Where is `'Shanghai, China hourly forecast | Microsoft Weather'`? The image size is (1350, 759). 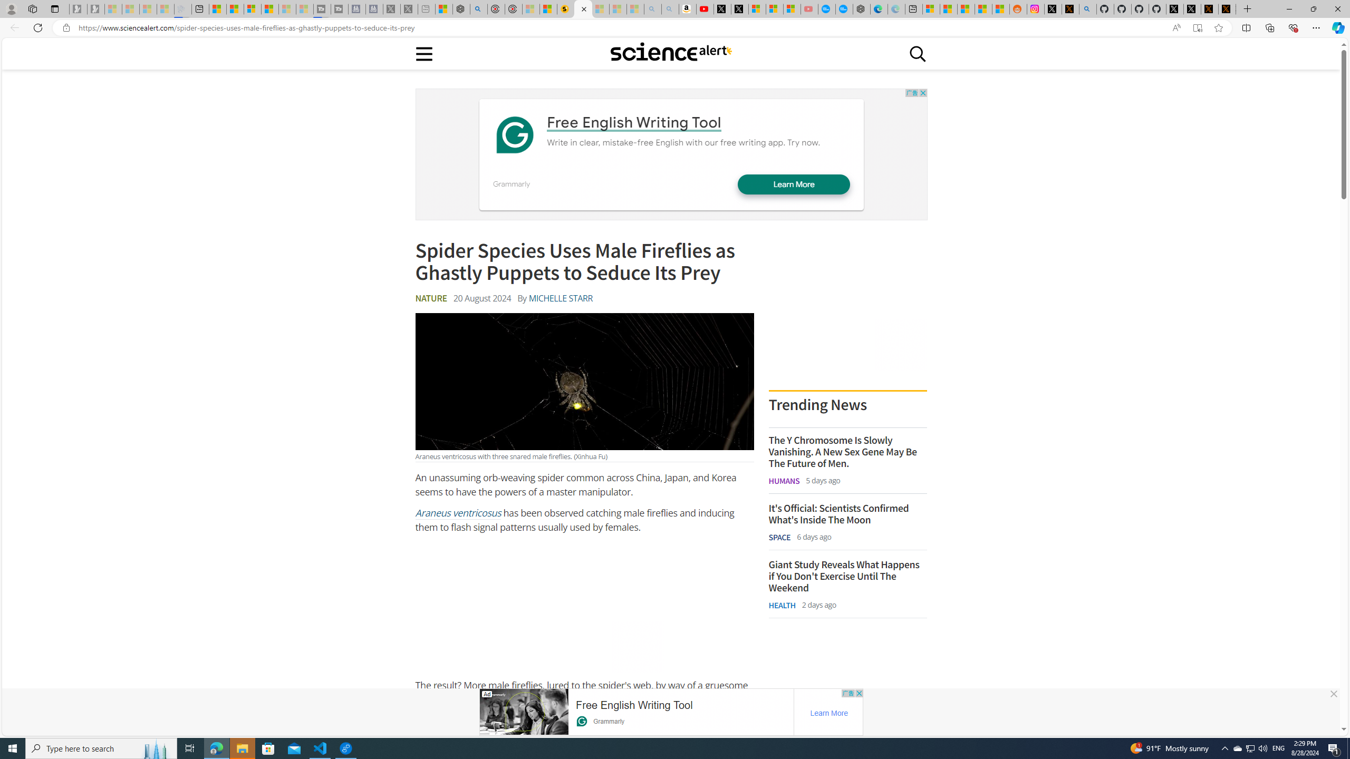 'Shanghai, China hourly forecast | Microsoft Weather' is located at coordinates (965, 8).